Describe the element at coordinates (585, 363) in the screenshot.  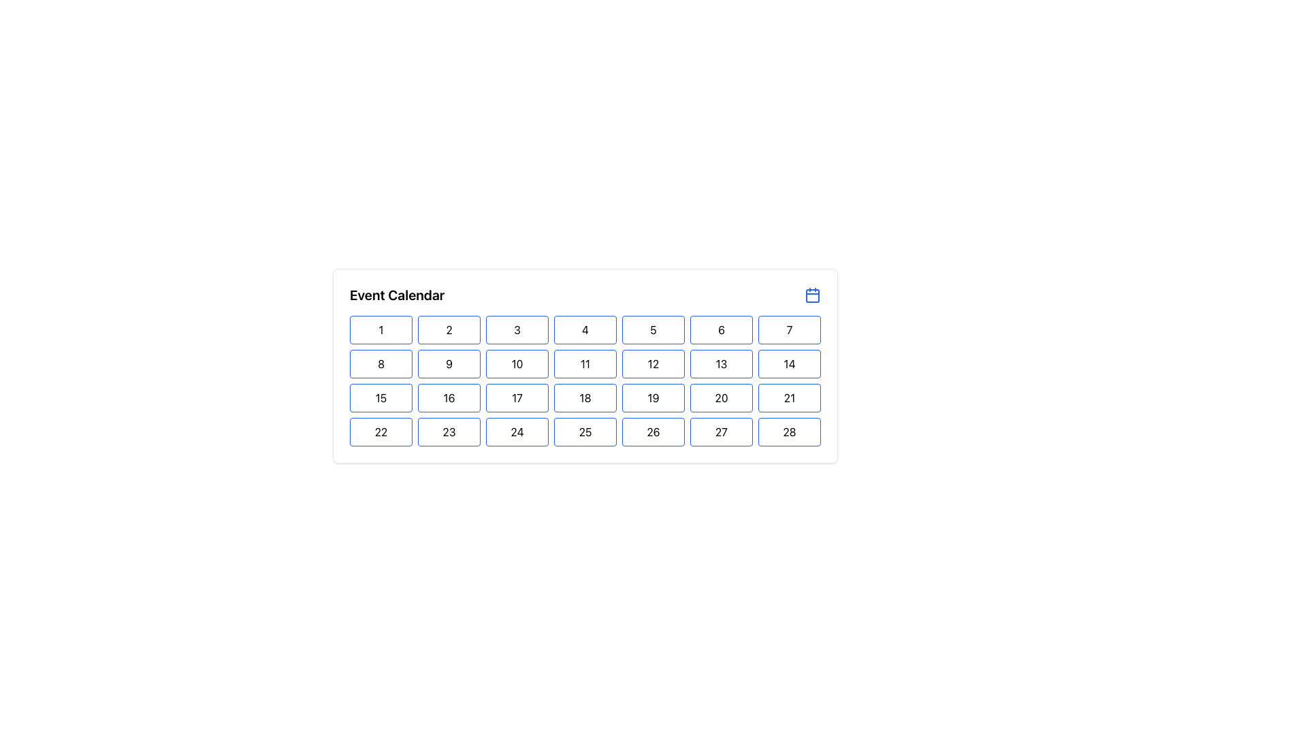
I see `the date selection button located` at that location.